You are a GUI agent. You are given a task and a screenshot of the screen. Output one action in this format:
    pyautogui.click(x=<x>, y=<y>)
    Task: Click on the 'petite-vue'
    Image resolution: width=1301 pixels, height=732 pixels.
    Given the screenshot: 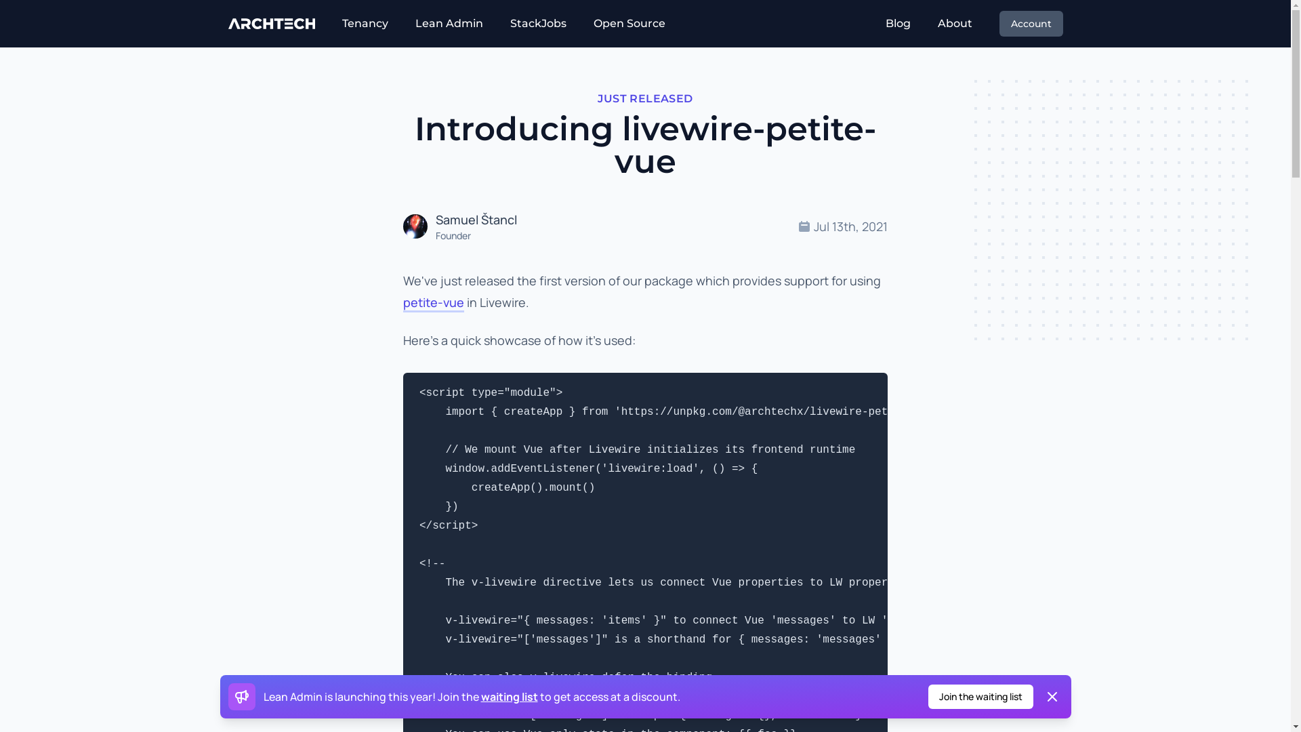 What is the action you would take?
    pyautogui.click(x=432, y=302)
    